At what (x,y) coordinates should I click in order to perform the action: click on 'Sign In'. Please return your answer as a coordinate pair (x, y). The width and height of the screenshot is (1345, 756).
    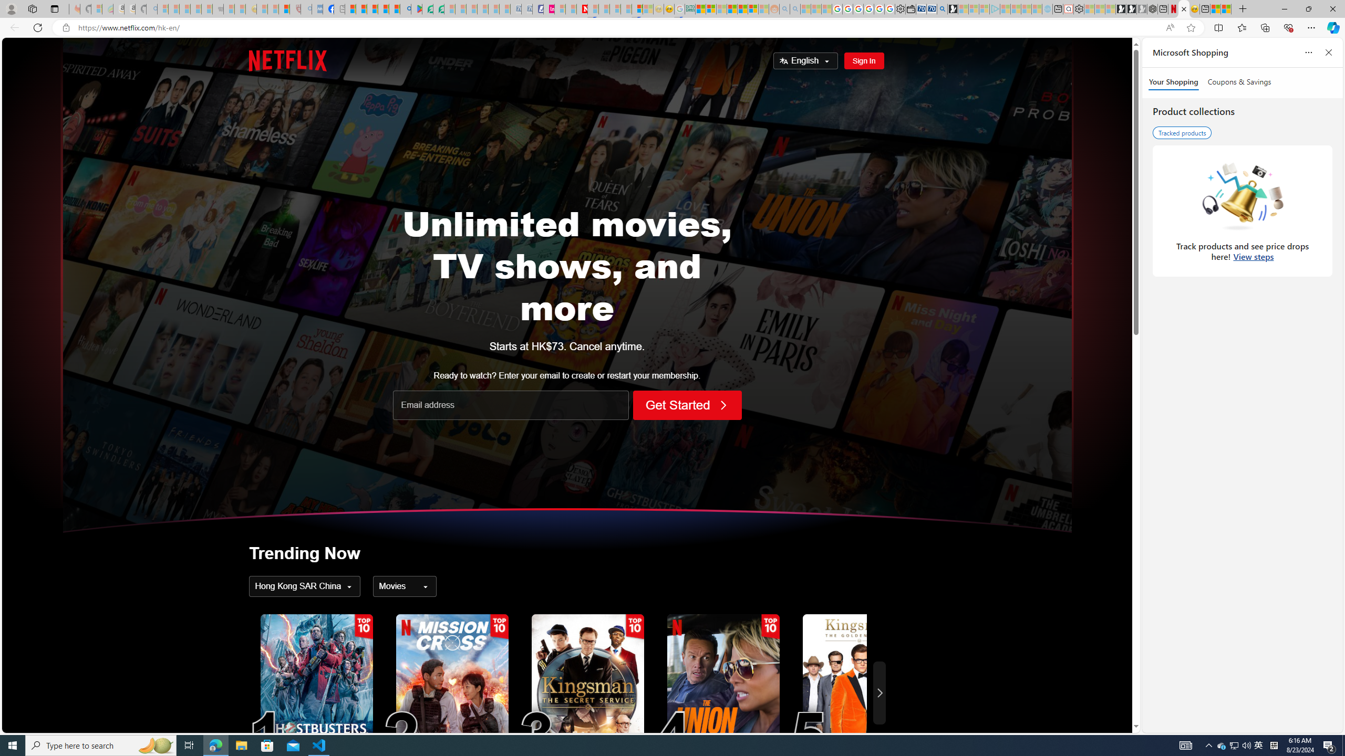
    Looking at the image, I should click on (863, 60).